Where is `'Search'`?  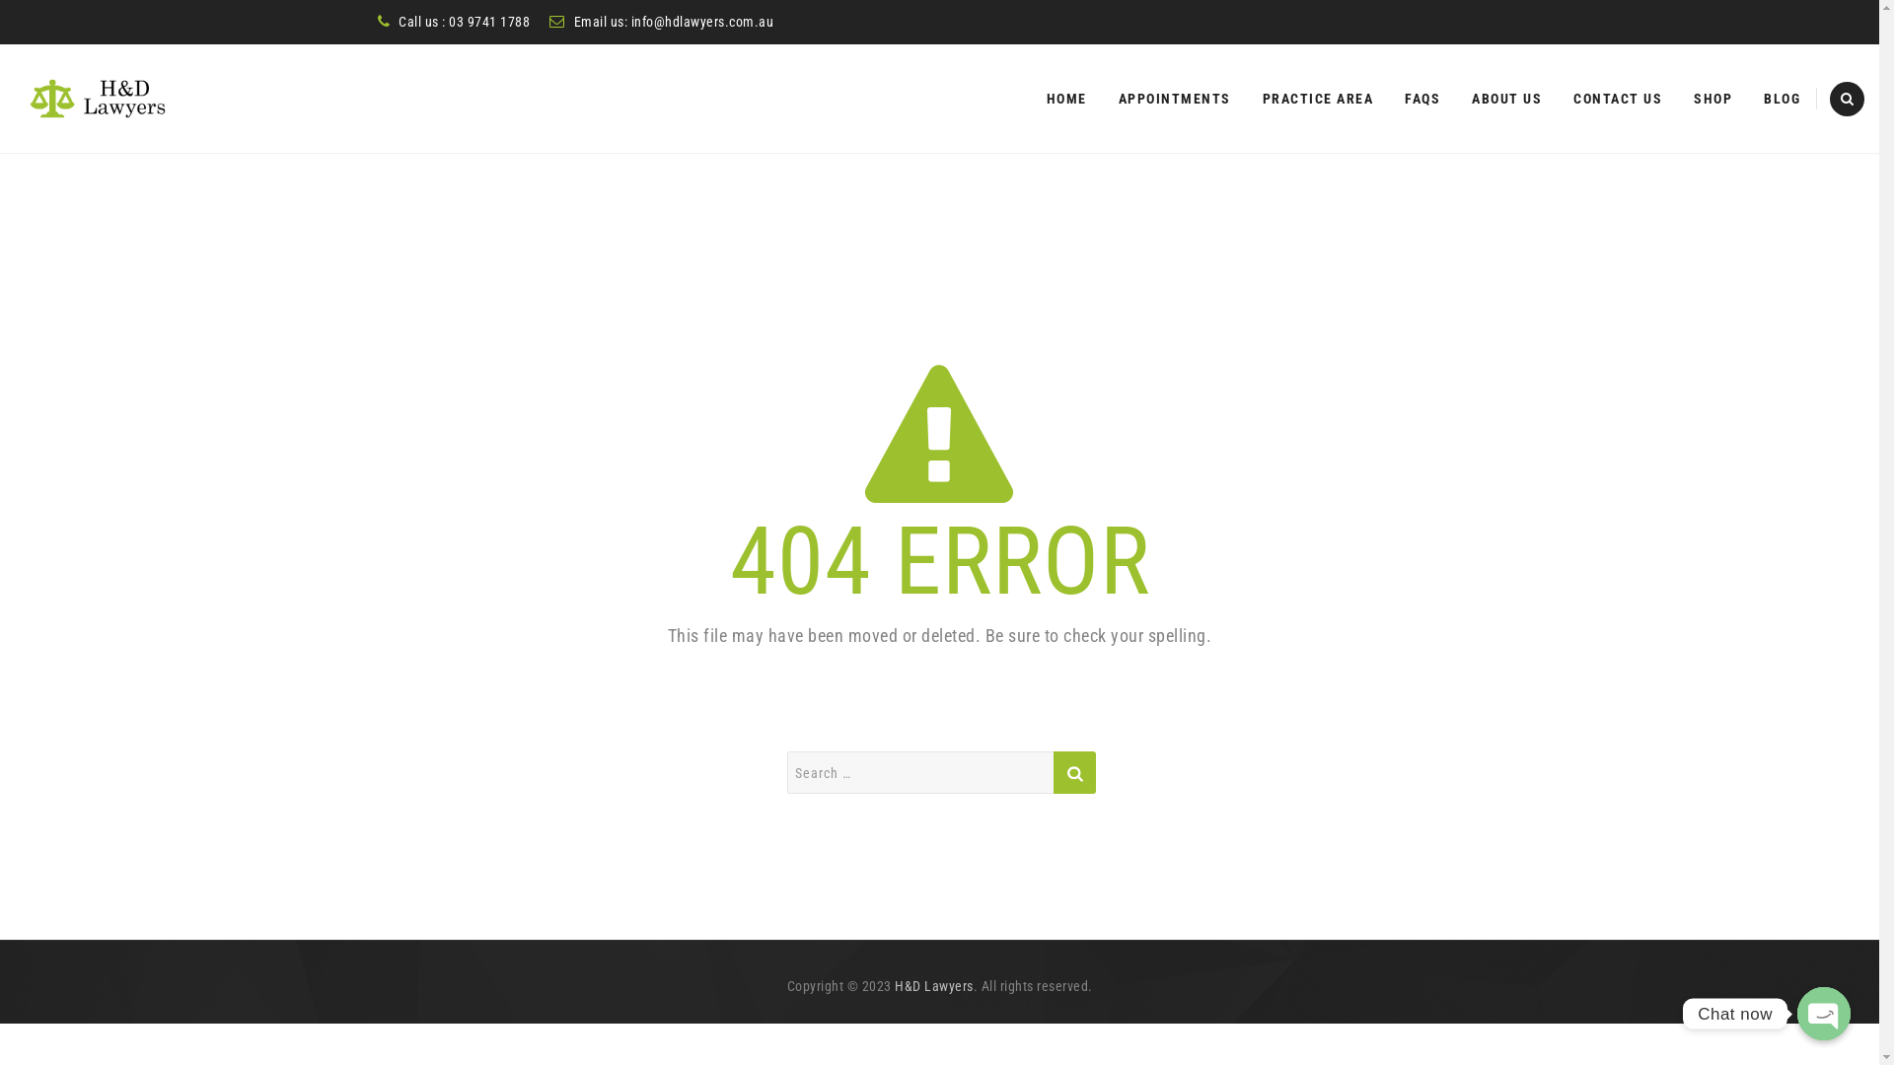 'Search' is located at coordinates (1073, 771).